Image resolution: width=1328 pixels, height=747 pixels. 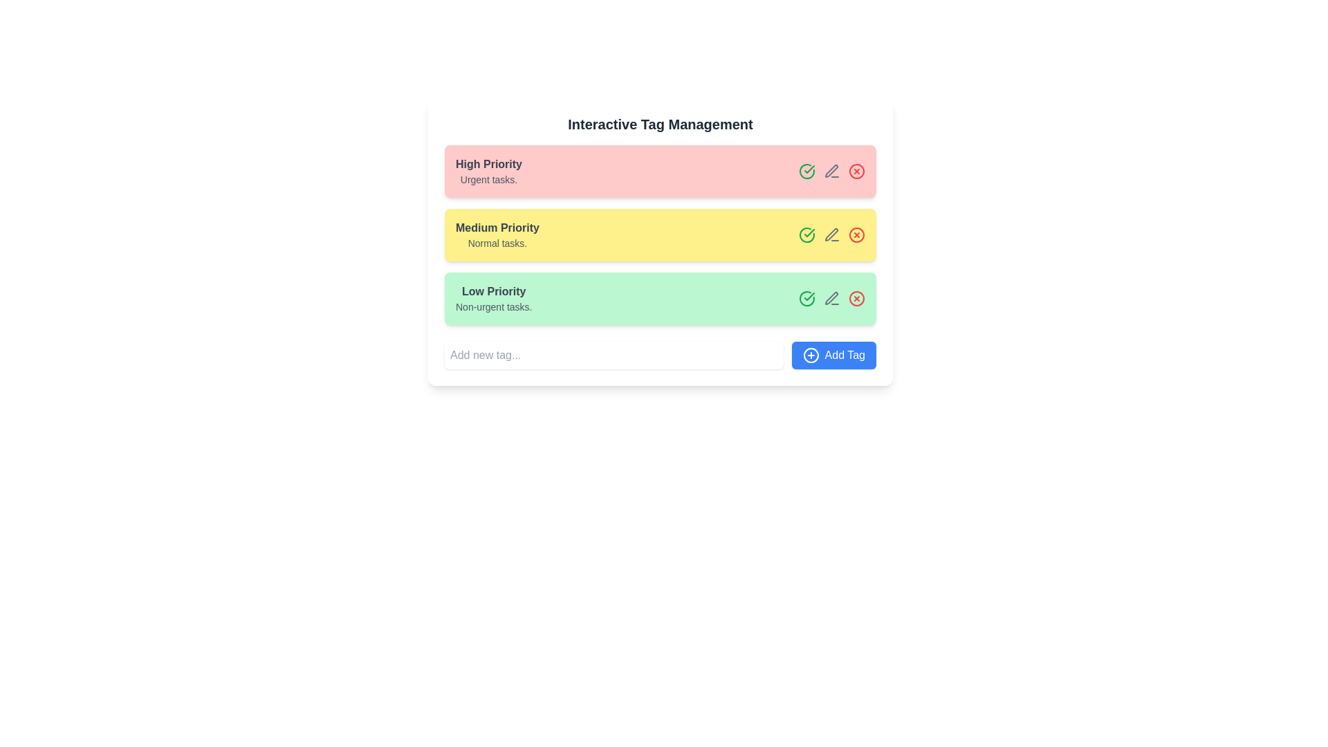 What do you see at coordinates (831, 297) in the screenshot?
I see `the edit icon graphic representing the 'Low Priority' tag, located between the green-check icon and the red cross icon` at bounding box center [831, 297].